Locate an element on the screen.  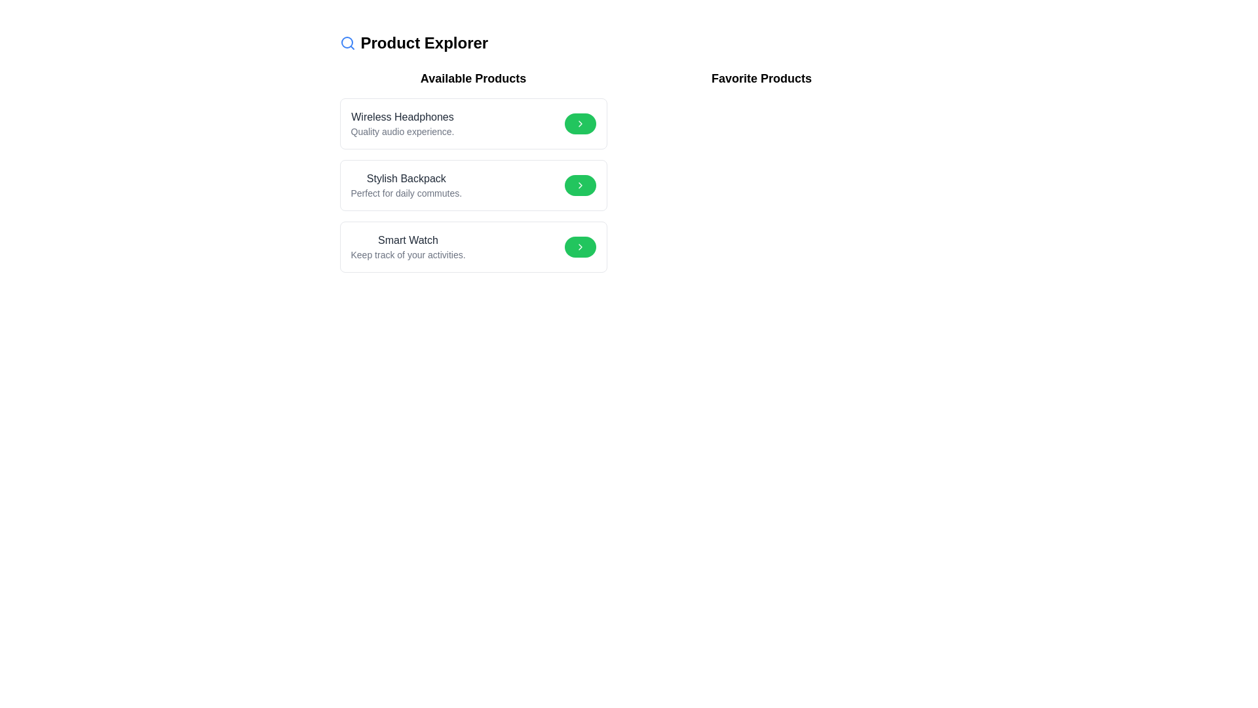
the 'Smart Watch' text label located in the 'Available Products' section of the 'Product Explorer' interface, which is styled in dark gray and is the topmost line above the text 'Keep track of your activities.' is located at coordinates (408, 240).